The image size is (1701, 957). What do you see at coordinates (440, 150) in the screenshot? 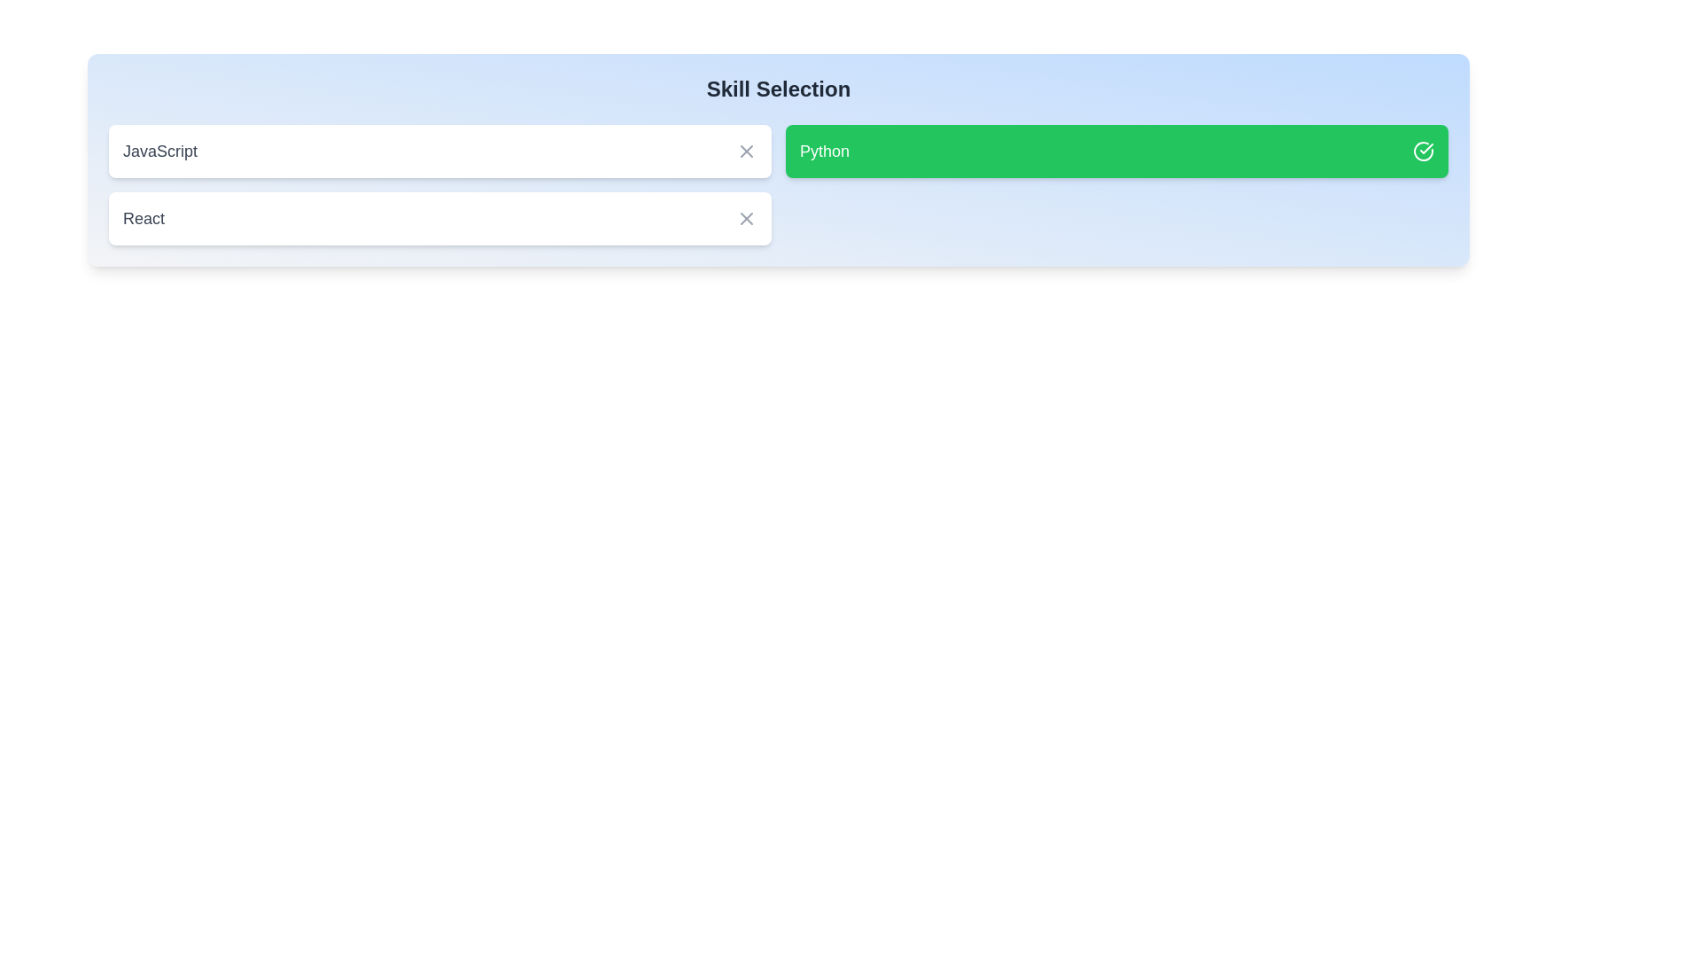
I see `the skill JavaScript by clicking on its corresponding element` at bounding box center [440, 150].